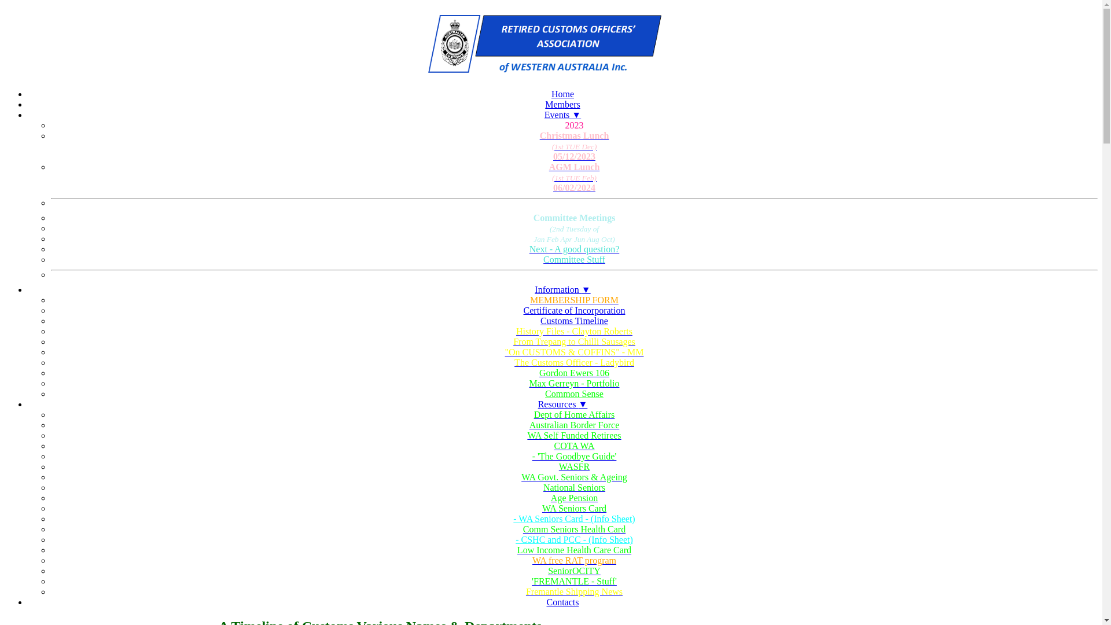 Image resolution: width=1111 pixels, height=625 pixels. What do you see at coordinates (574, 414) in the screenshot?
I see `'Dept of Home Affairs'` at bounding box center [574, 414].